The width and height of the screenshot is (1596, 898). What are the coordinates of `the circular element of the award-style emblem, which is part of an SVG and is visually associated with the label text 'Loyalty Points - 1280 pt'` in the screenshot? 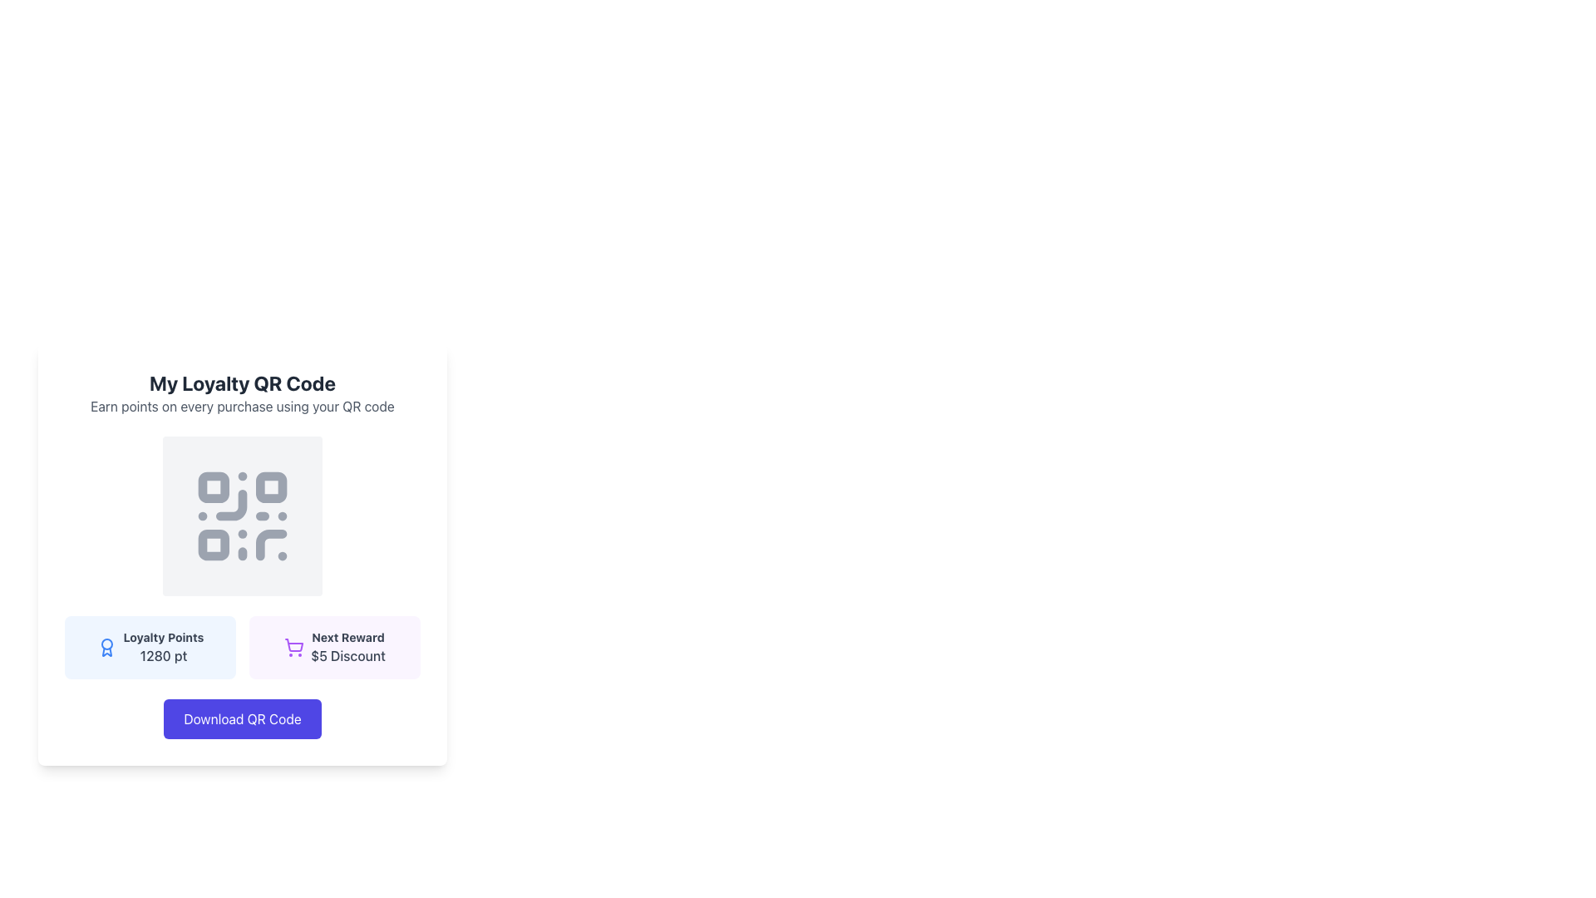 It's located at (106, 644).